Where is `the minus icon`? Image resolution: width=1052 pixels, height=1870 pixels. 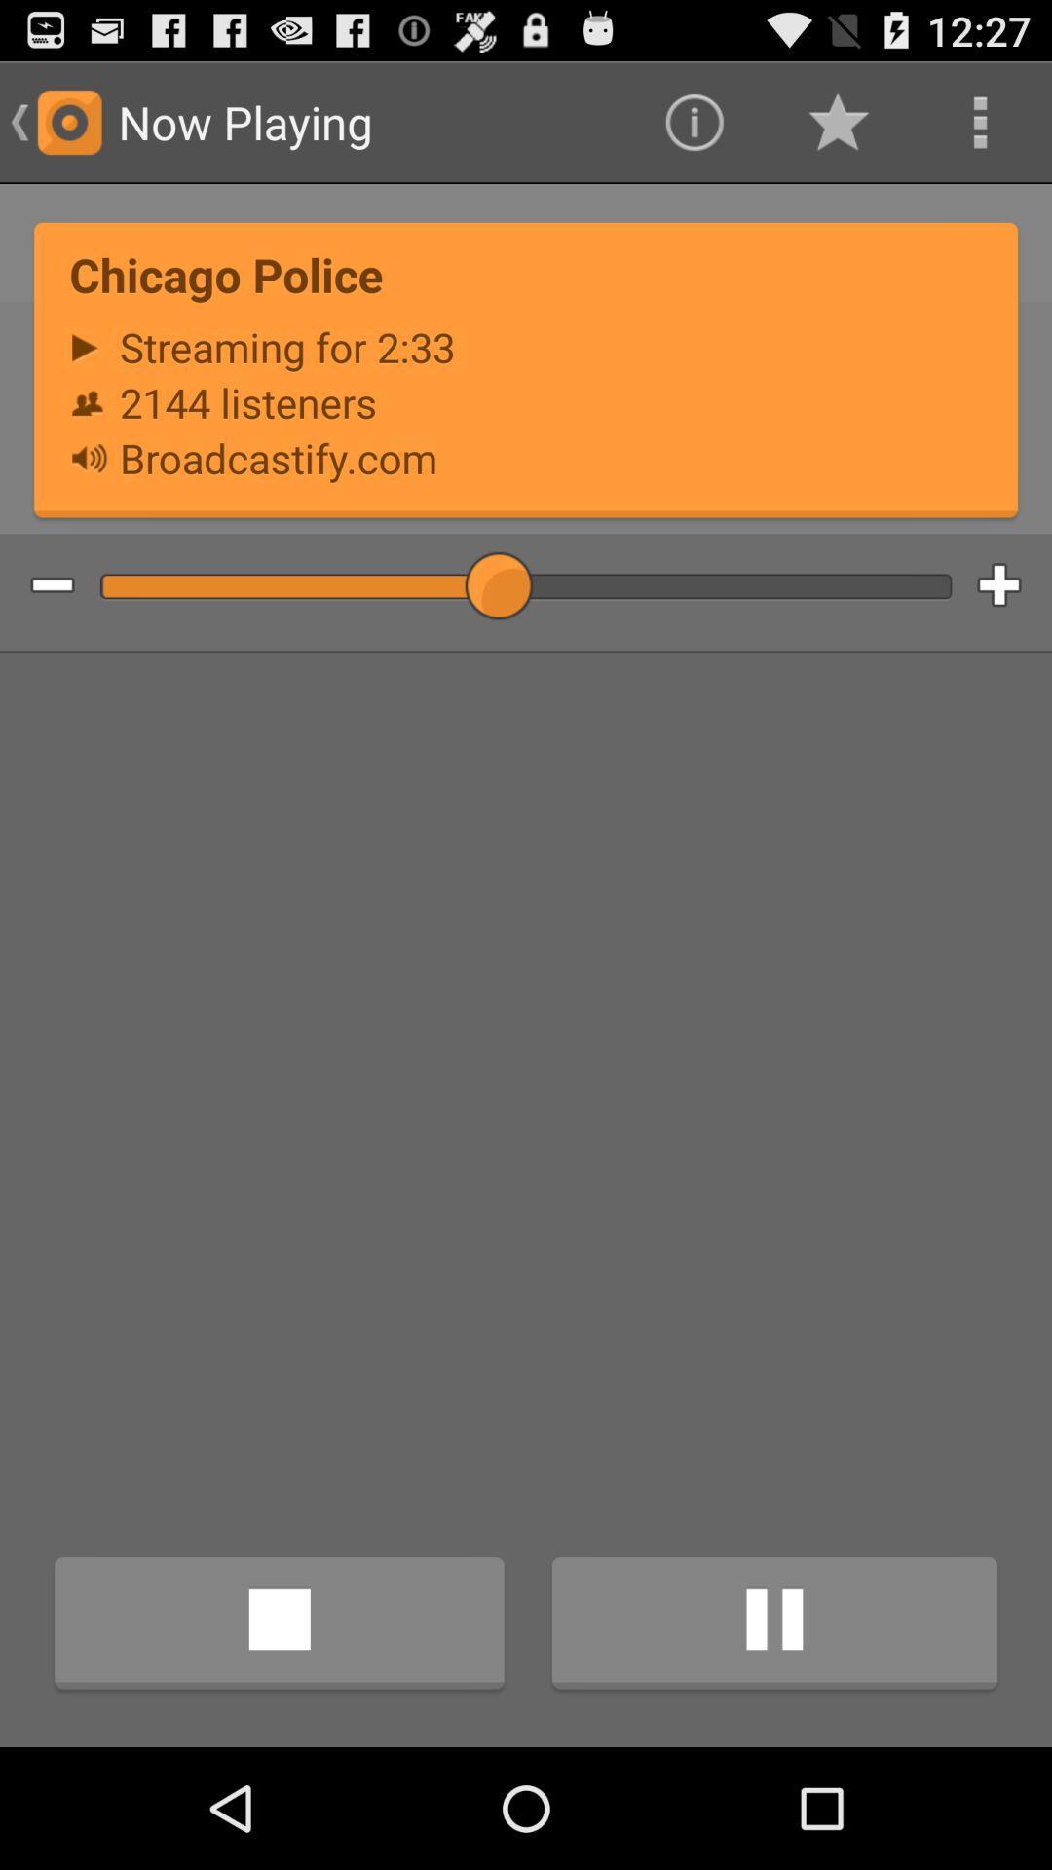
the minus icon is located at coordinates (37, 627).